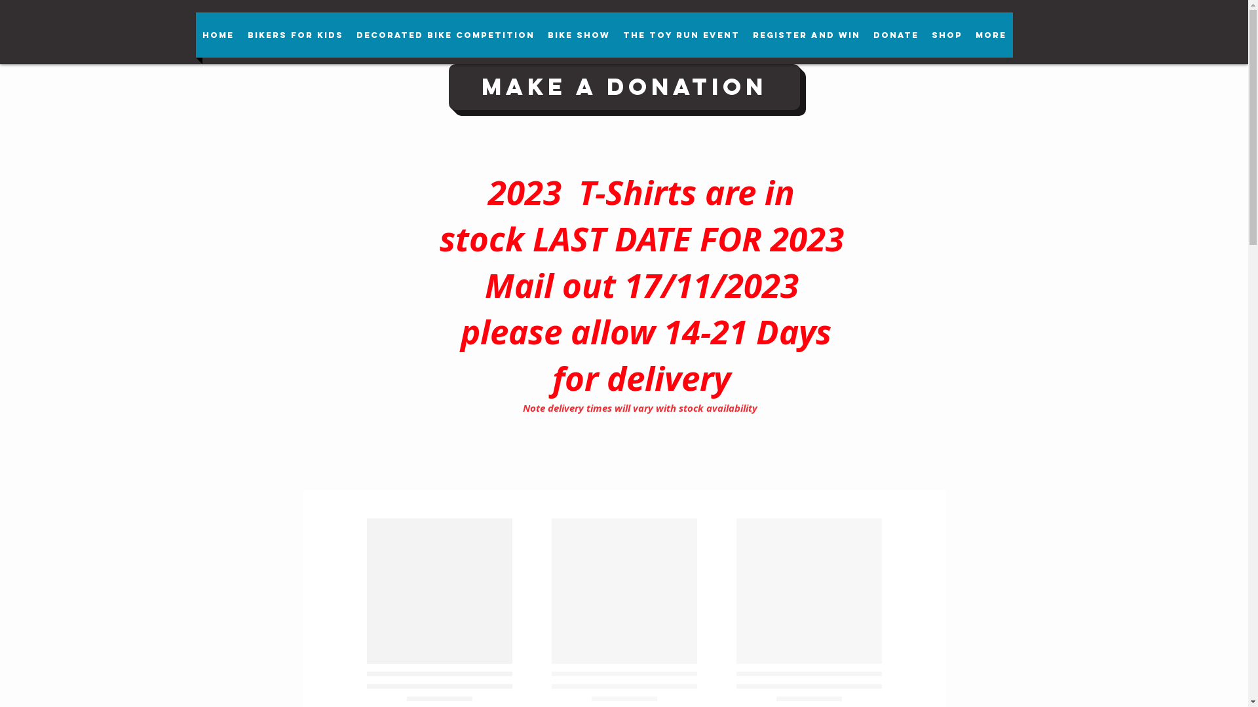 The width and height of the screenshot is (1258, 707). I want to click on 'Bikers For Kids', so click(295, 34).